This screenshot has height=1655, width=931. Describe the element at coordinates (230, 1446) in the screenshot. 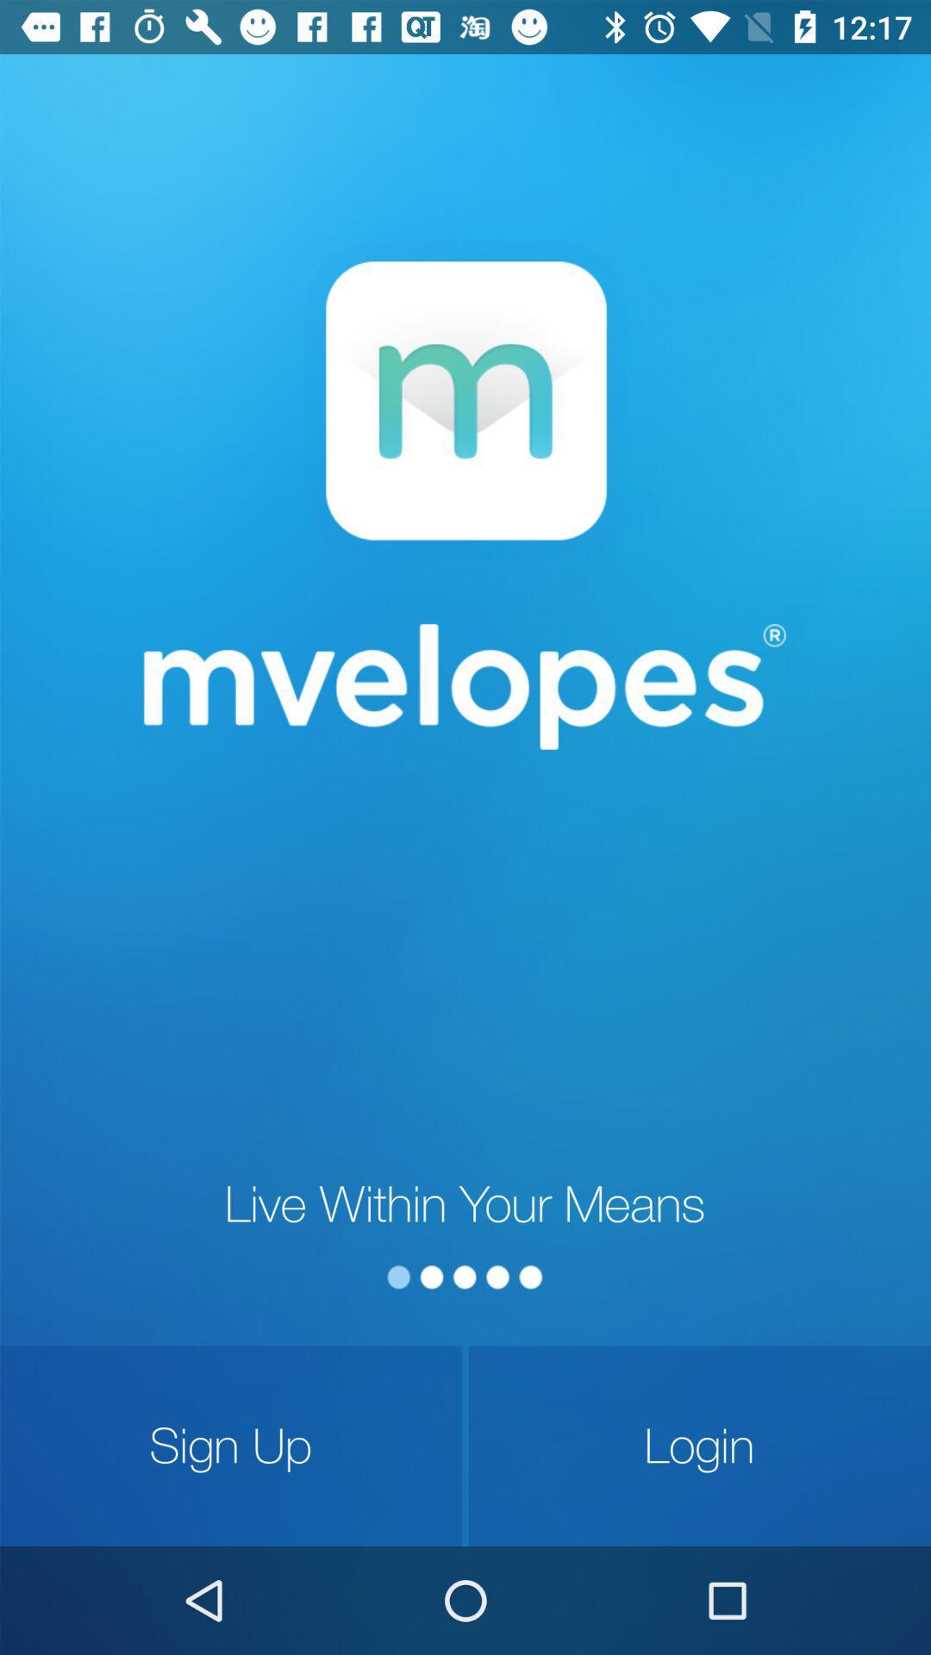

I see `the sign up item` at that location.